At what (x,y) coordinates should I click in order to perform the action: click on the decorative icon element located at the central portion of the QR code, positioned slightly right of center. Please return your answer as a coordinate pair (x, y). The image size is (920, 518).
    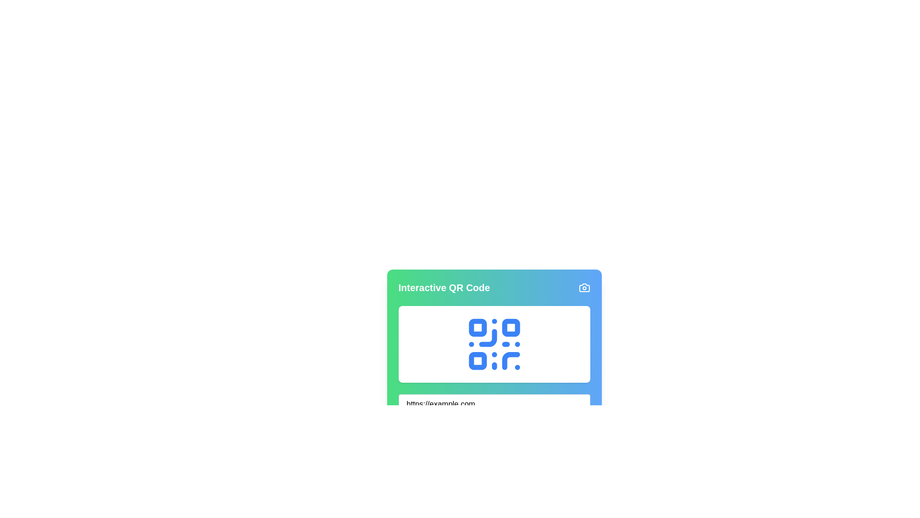
    Looking at the image, I should click on (488, 337).